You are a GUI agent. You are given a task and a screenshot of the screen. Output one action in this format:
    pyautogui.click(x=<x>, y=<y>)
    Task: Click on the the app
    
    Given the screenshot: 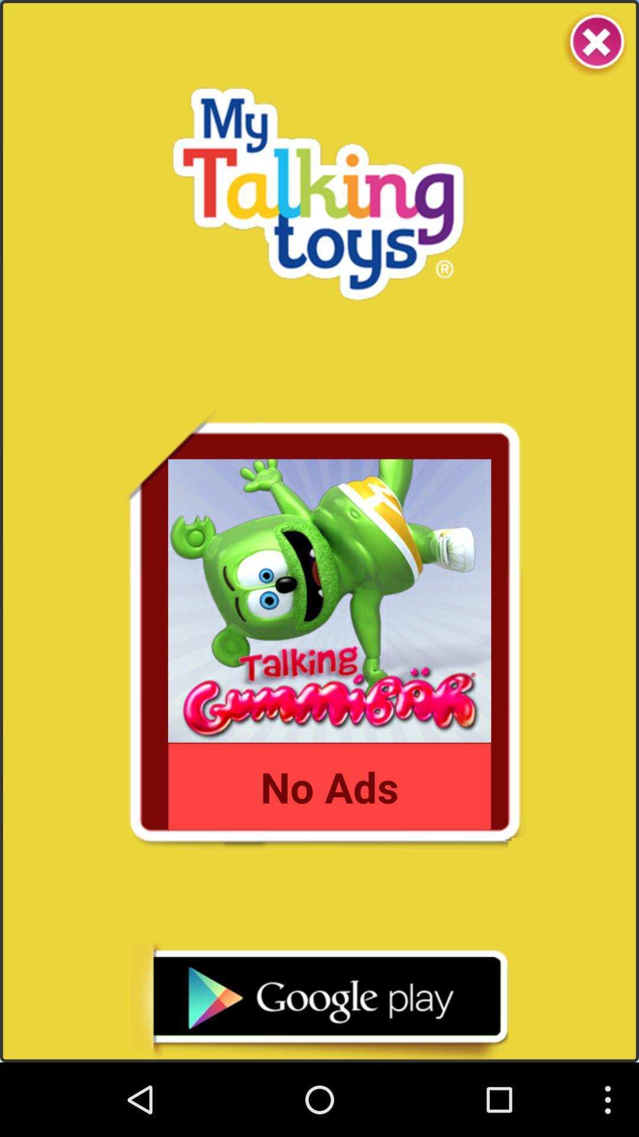 What is the action you would take?
    pyautogui.click(x=595, y=43)
    